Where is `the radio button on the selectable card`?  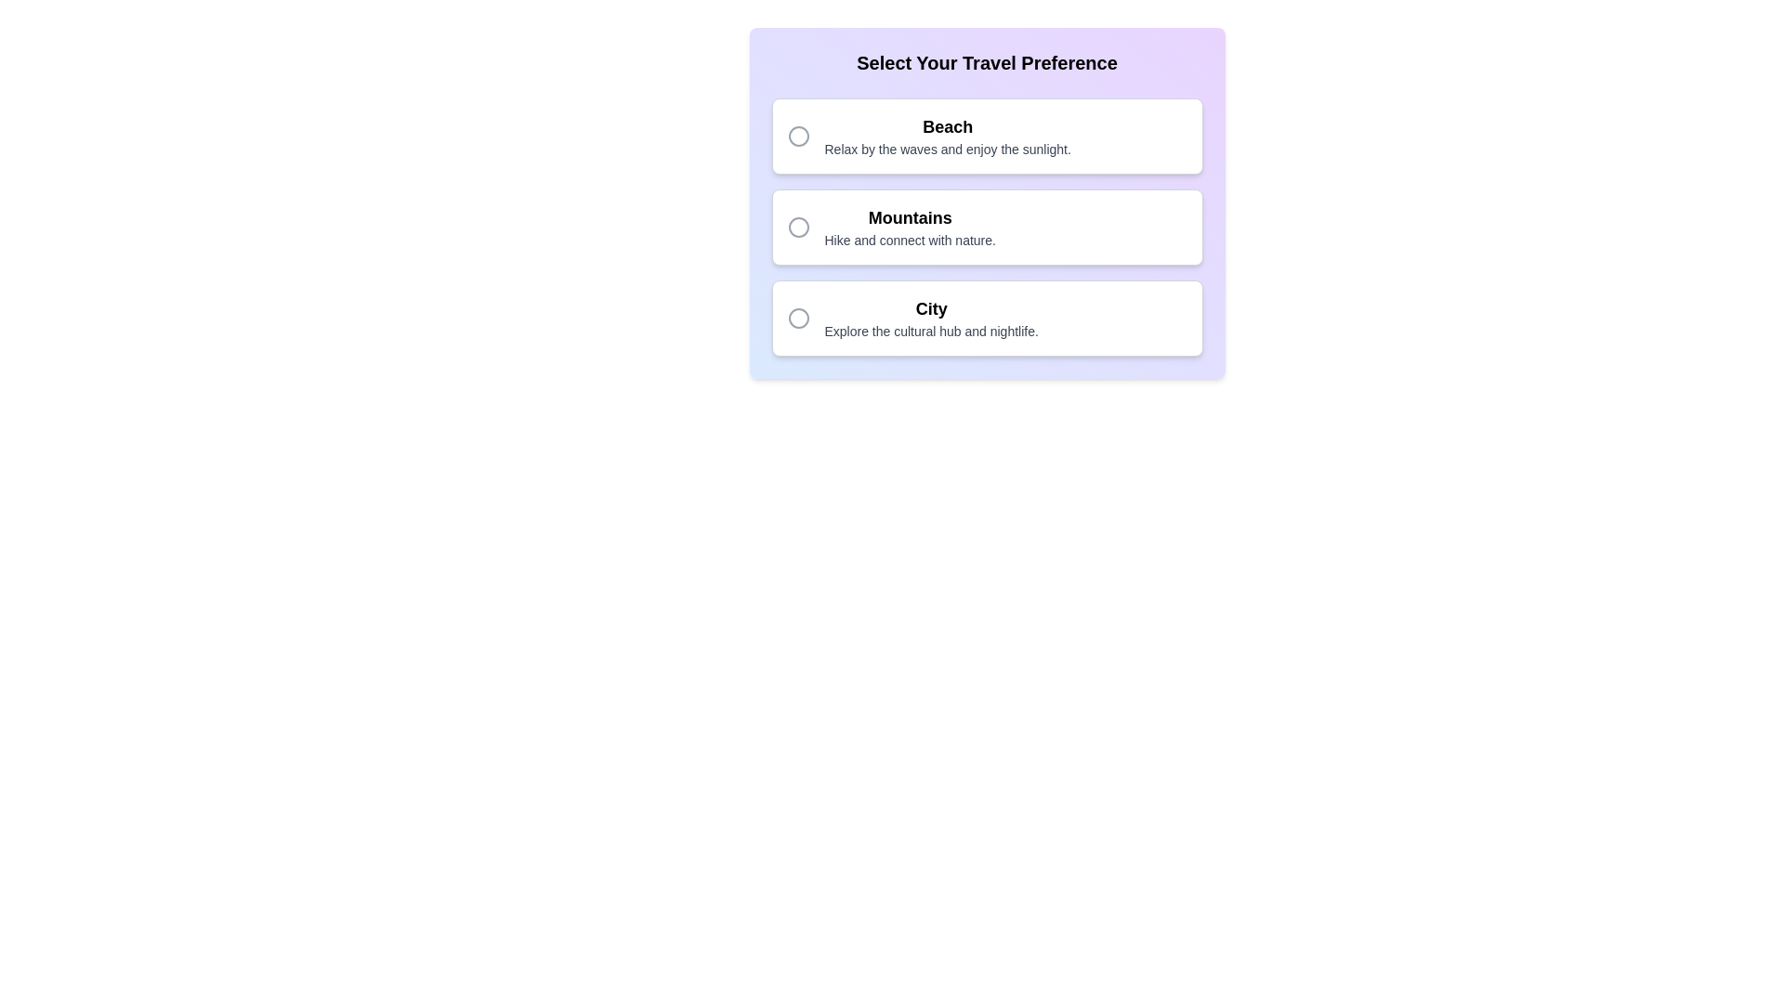 the radio button on the selectable card is located at coordinates (986, 135).